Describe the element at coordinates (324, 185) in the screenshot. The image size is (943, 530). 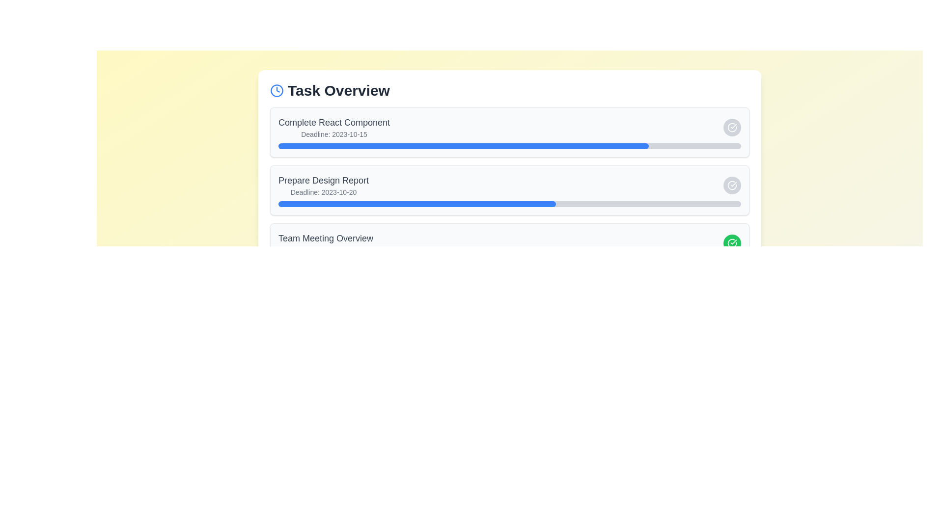
I see `the task description text label which is the second item in the 'Task Overview' section, situated below 'Complete React Component' and above 'Team Meeting Overview'` at that location.